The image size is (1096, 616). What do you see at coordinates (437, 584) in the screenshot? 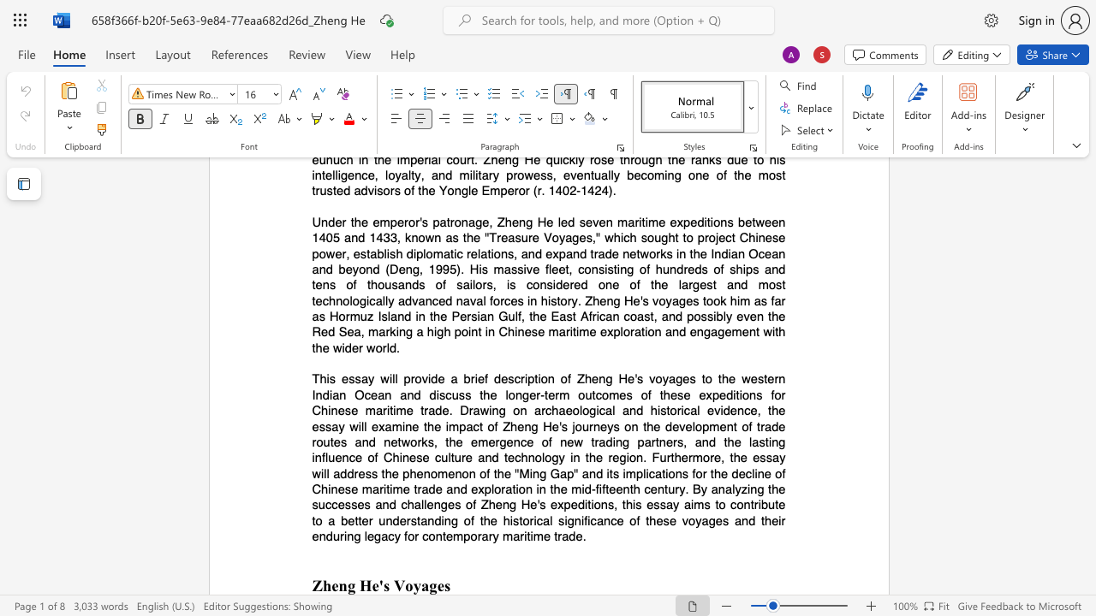
I see `the subset text "es" within the text "Zheng He"` at bounding box center [437, 584].